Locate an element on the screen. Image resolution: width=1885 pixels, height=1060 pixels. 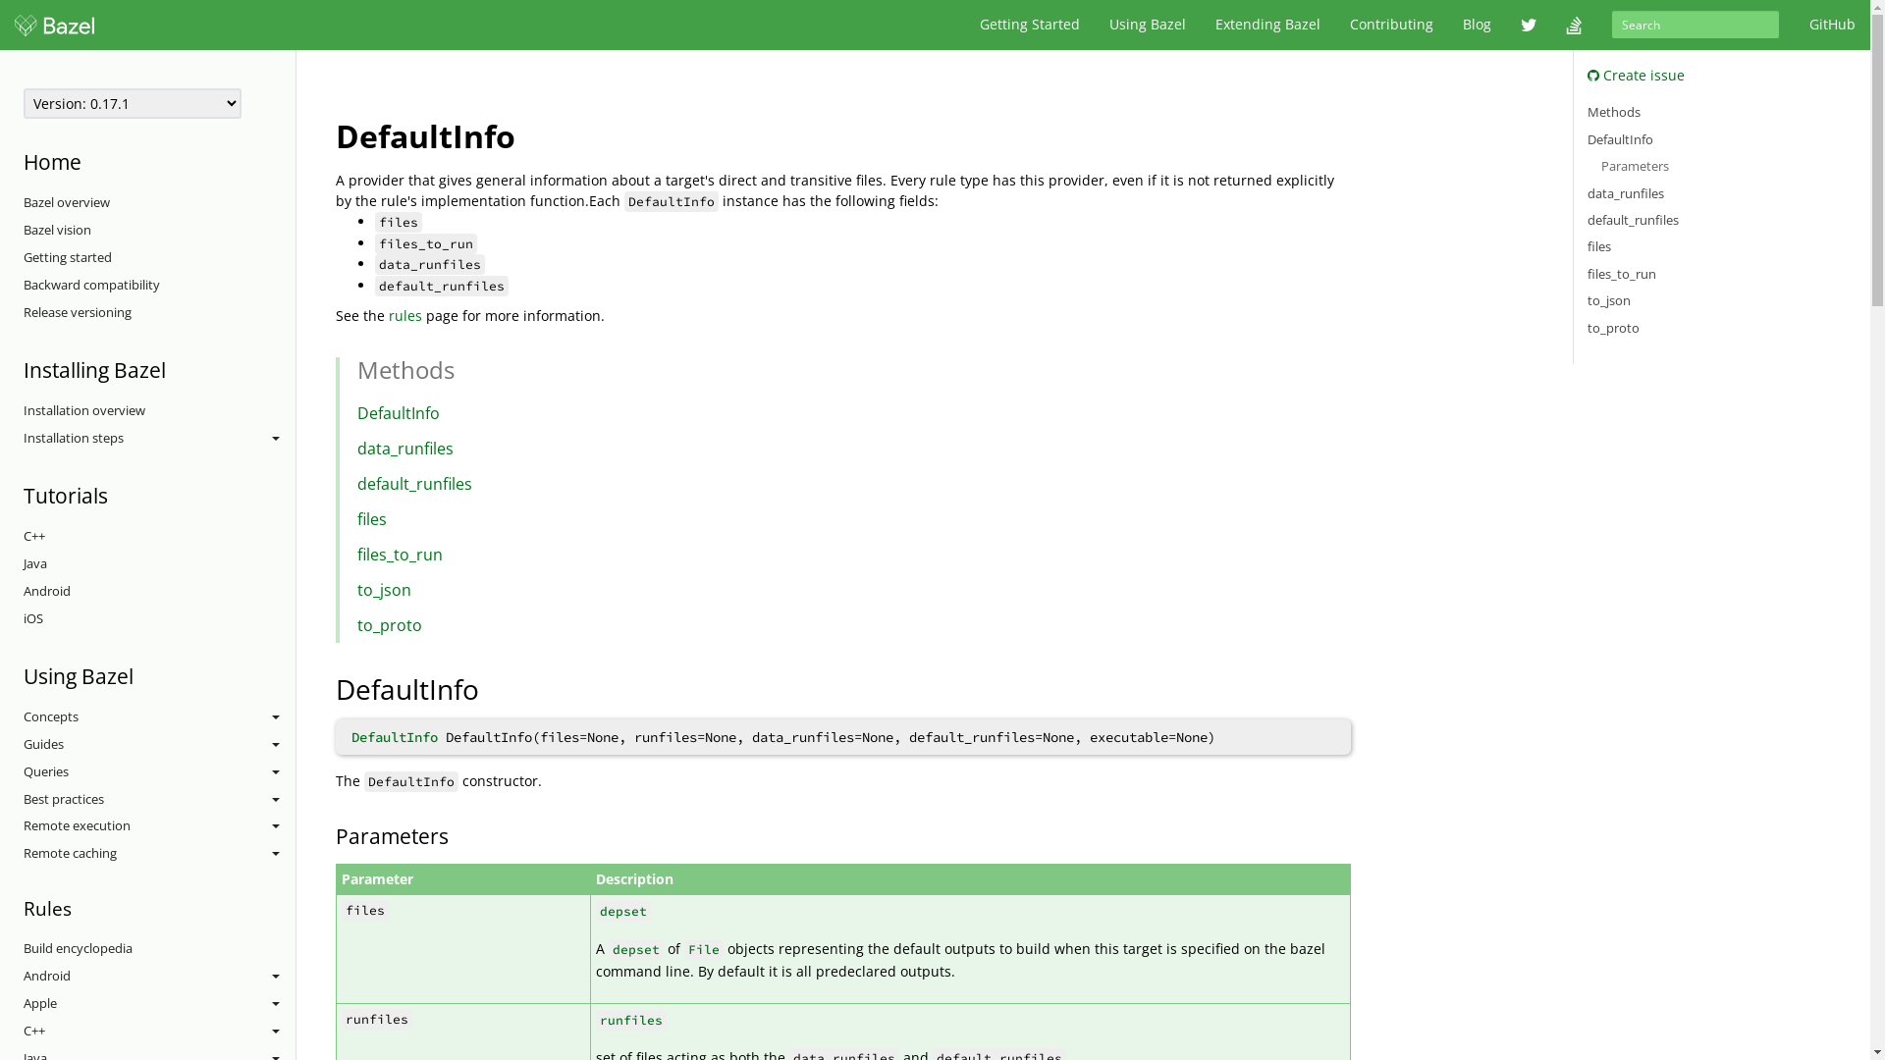
'data_runfiles' is located at coordinates (357, 448).